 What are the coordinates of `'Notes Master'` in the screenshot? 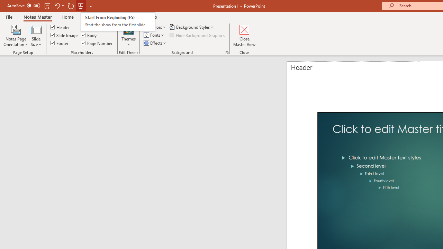 It's located at (37, 17).